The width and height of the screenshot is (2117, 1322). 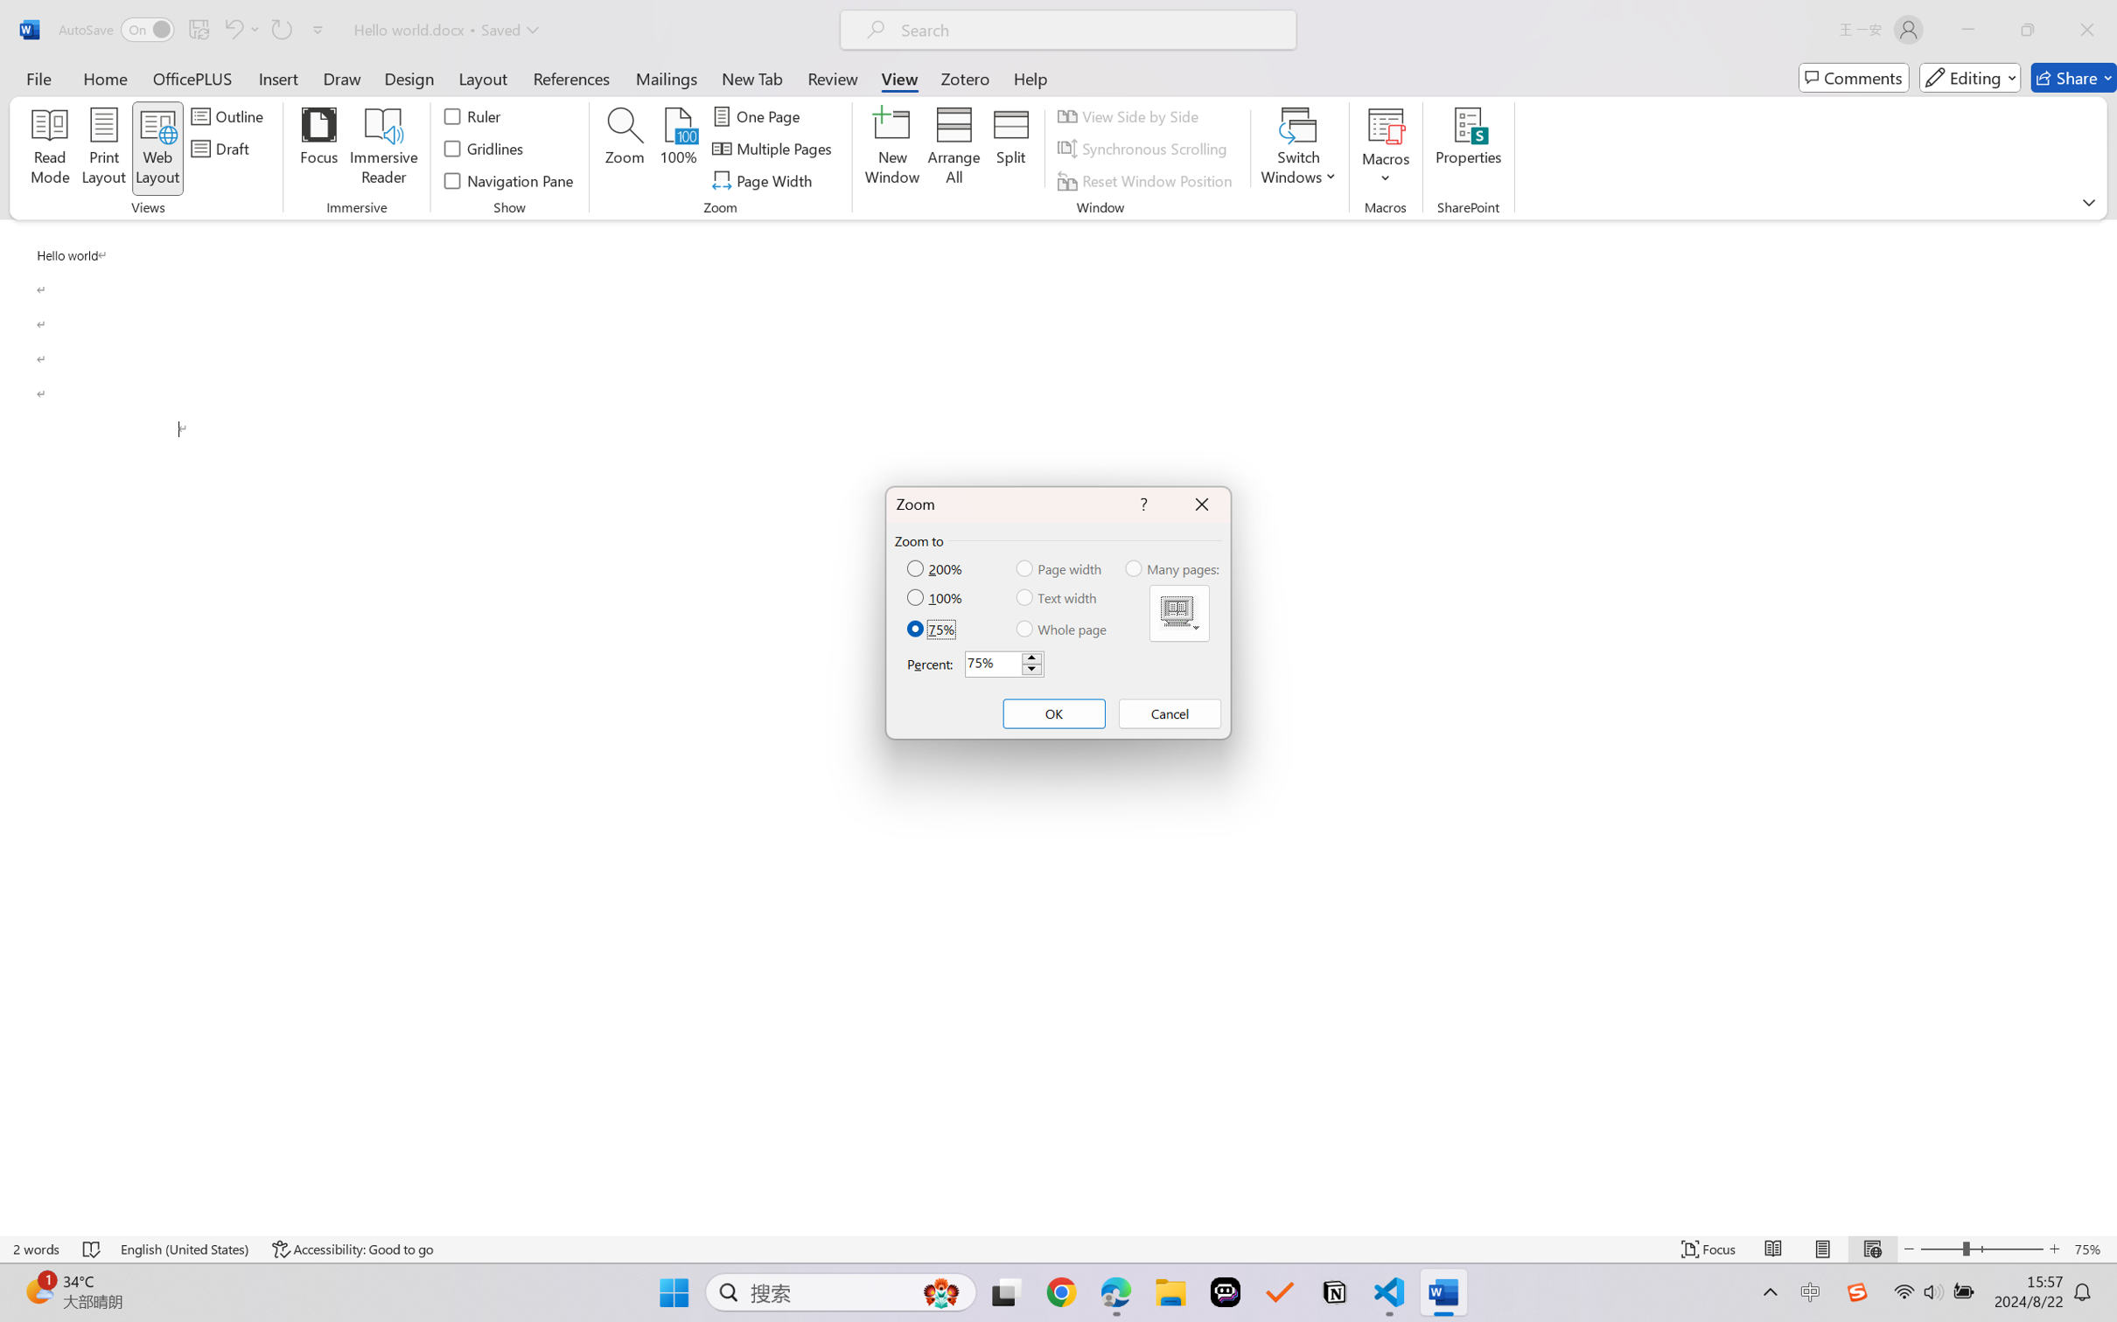 What do you see at coordinates (38, 1291) in the screenshot?
I see `'AutomationID: BadgeAnchorLargeTicker'` at bounding box center [38, 1291].